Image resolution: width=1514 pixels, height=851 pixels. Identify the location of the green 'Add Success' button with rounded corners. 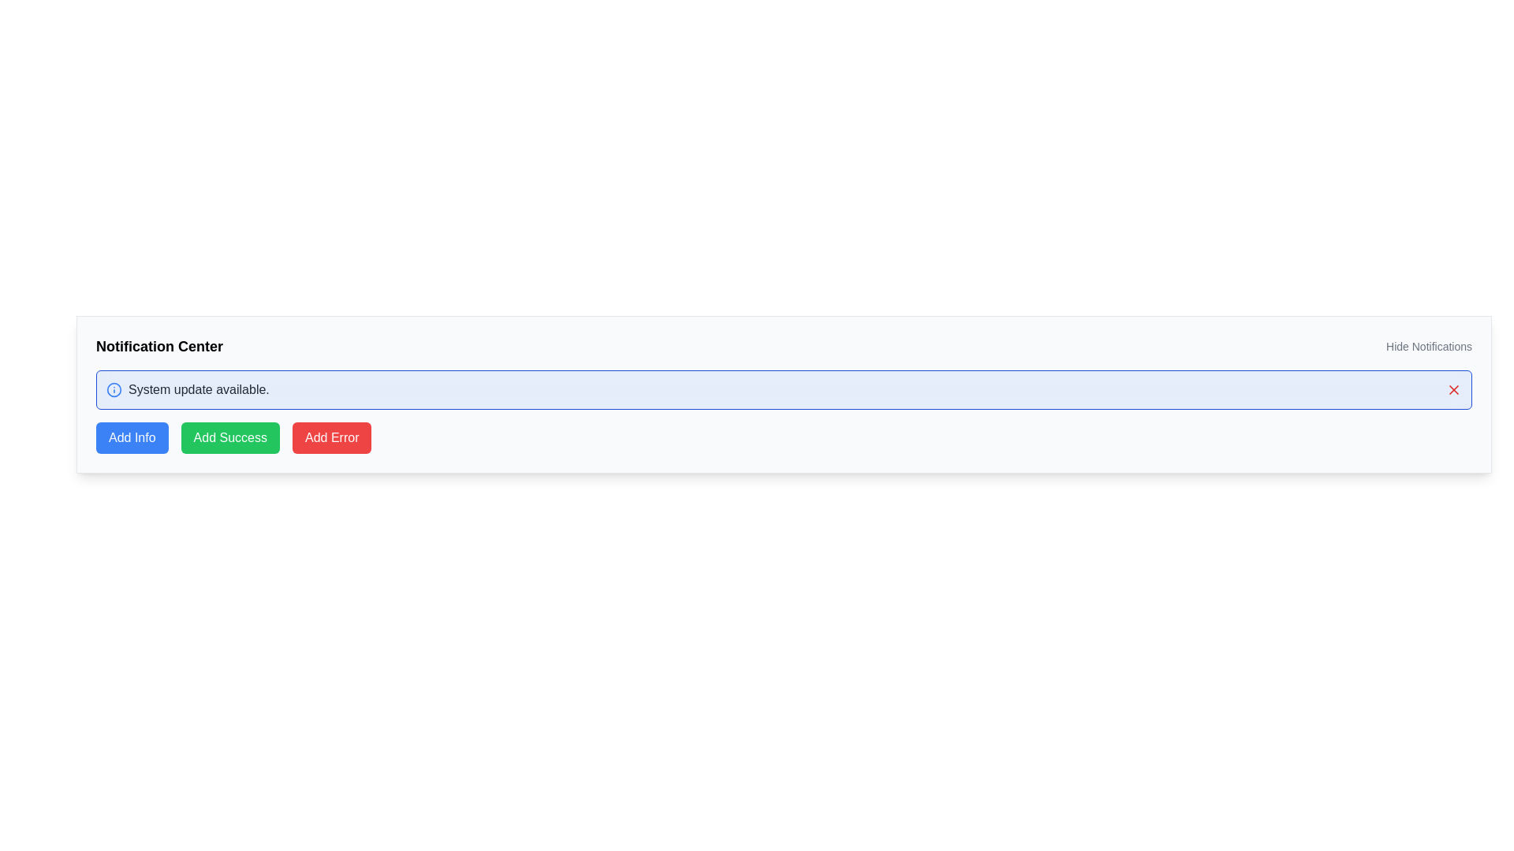
(229, 437).